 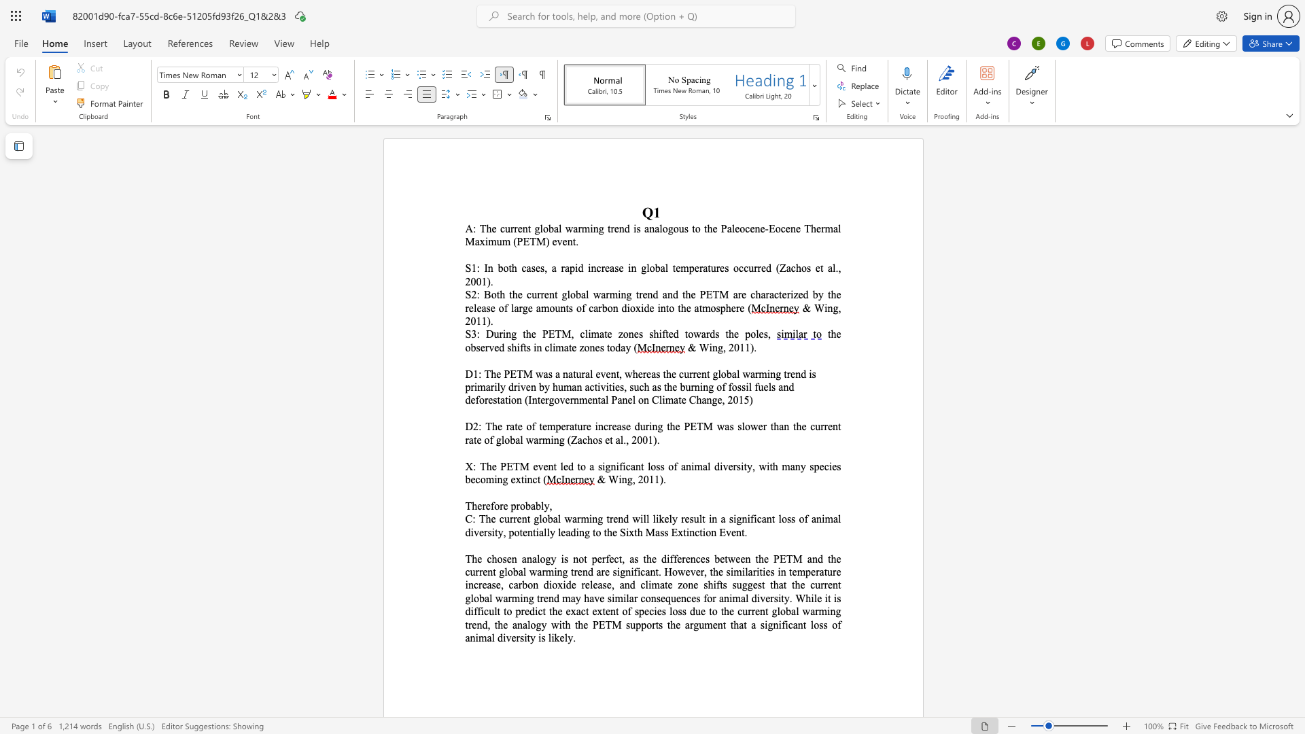 What do you see at coordinates (683, 308) in the screenshot?
I see `the 1th character "h" in the text` at bounding box center [683, 308].